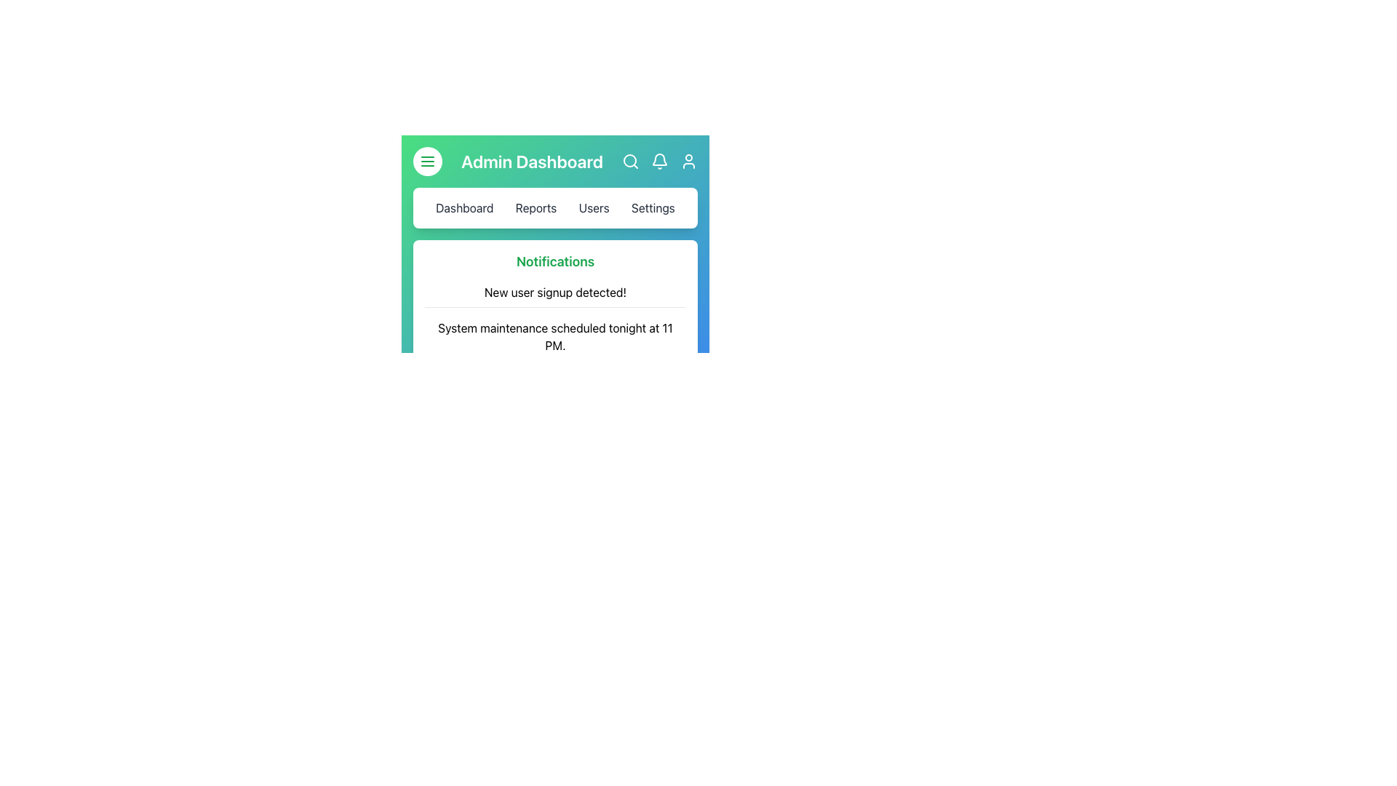 This screenshot has height=786, width=1397. I want to click on the notification icon button located in the top-right corner of the header, so click(659, 162).